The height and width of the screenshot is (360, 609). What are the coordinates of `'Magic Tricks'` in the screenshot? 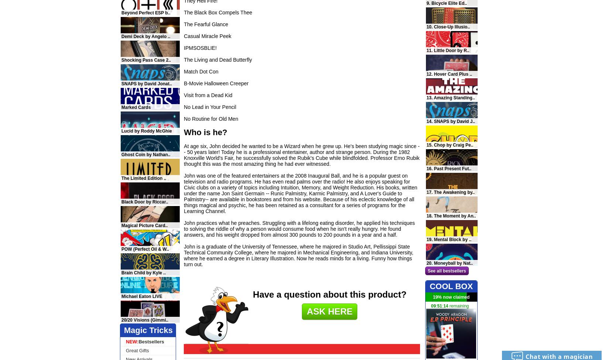 It's located at (148, 330).